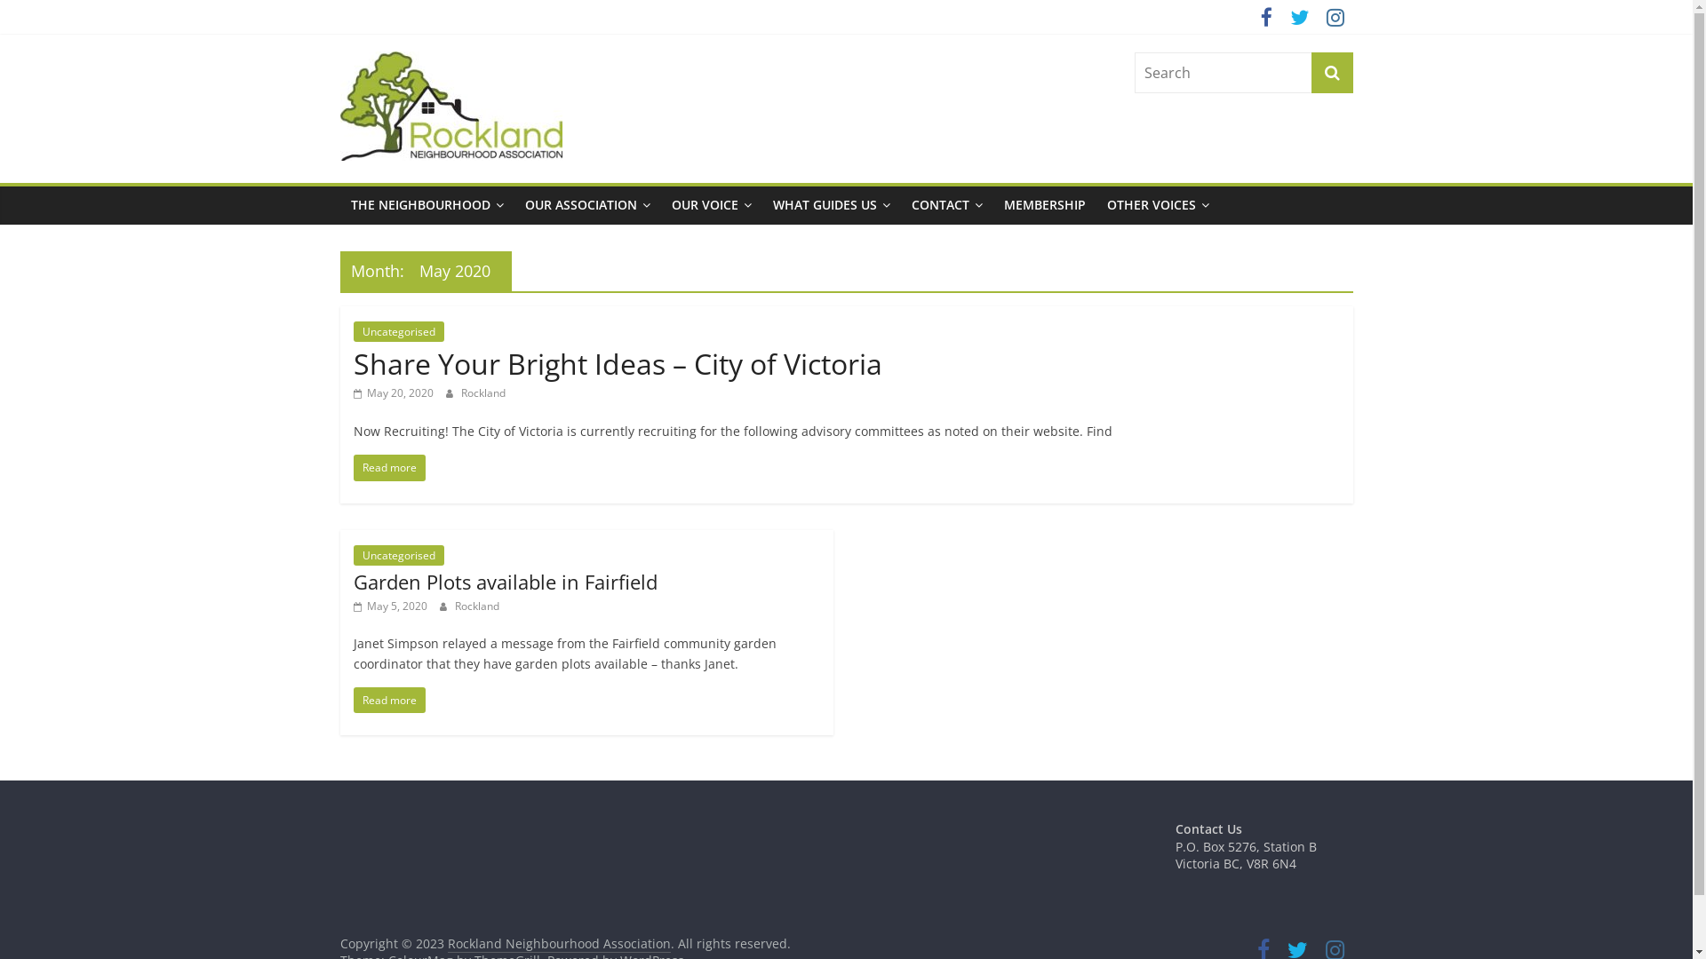 The width and height of the screenshot is (1706, 959). I want to click on 'Rockland Neighbourhood Association', so click(490, 122).